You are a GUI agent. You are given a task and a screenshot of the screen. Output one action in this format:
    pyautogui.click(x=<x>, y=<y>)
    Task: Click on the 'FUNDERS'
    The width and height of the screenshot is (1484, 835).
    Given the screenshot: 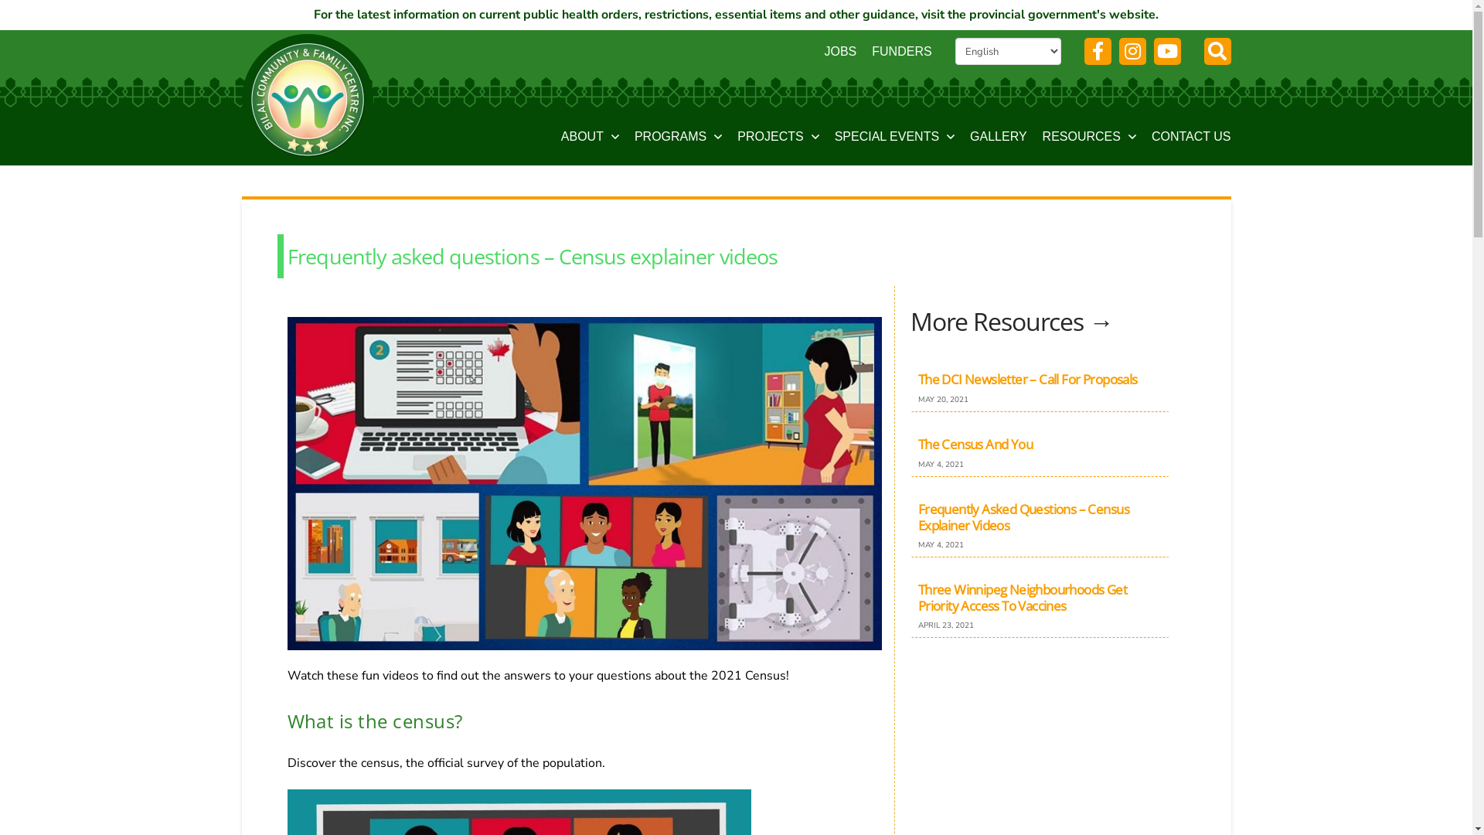 What is the action you would take?
    pyautogui.click(x=901, y=50)
    